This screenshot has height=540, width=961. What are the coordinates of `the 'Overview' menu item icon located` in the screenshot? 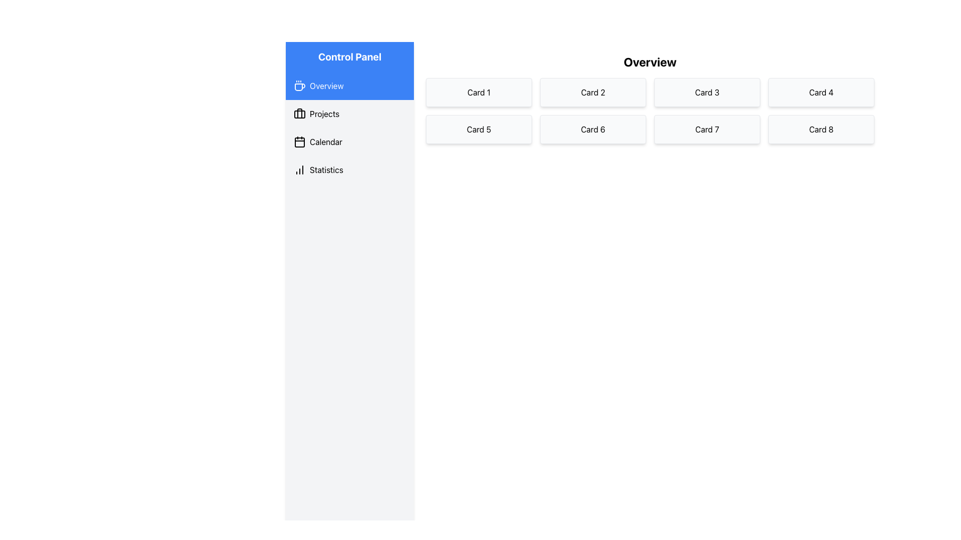 It's located at (299, 85).